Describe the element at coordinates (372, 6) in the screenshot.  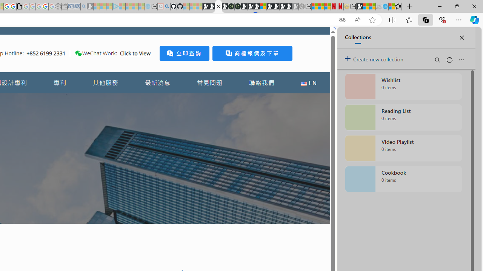
I see `'Earth has six continents not seven, radical new study claims'` at that location.